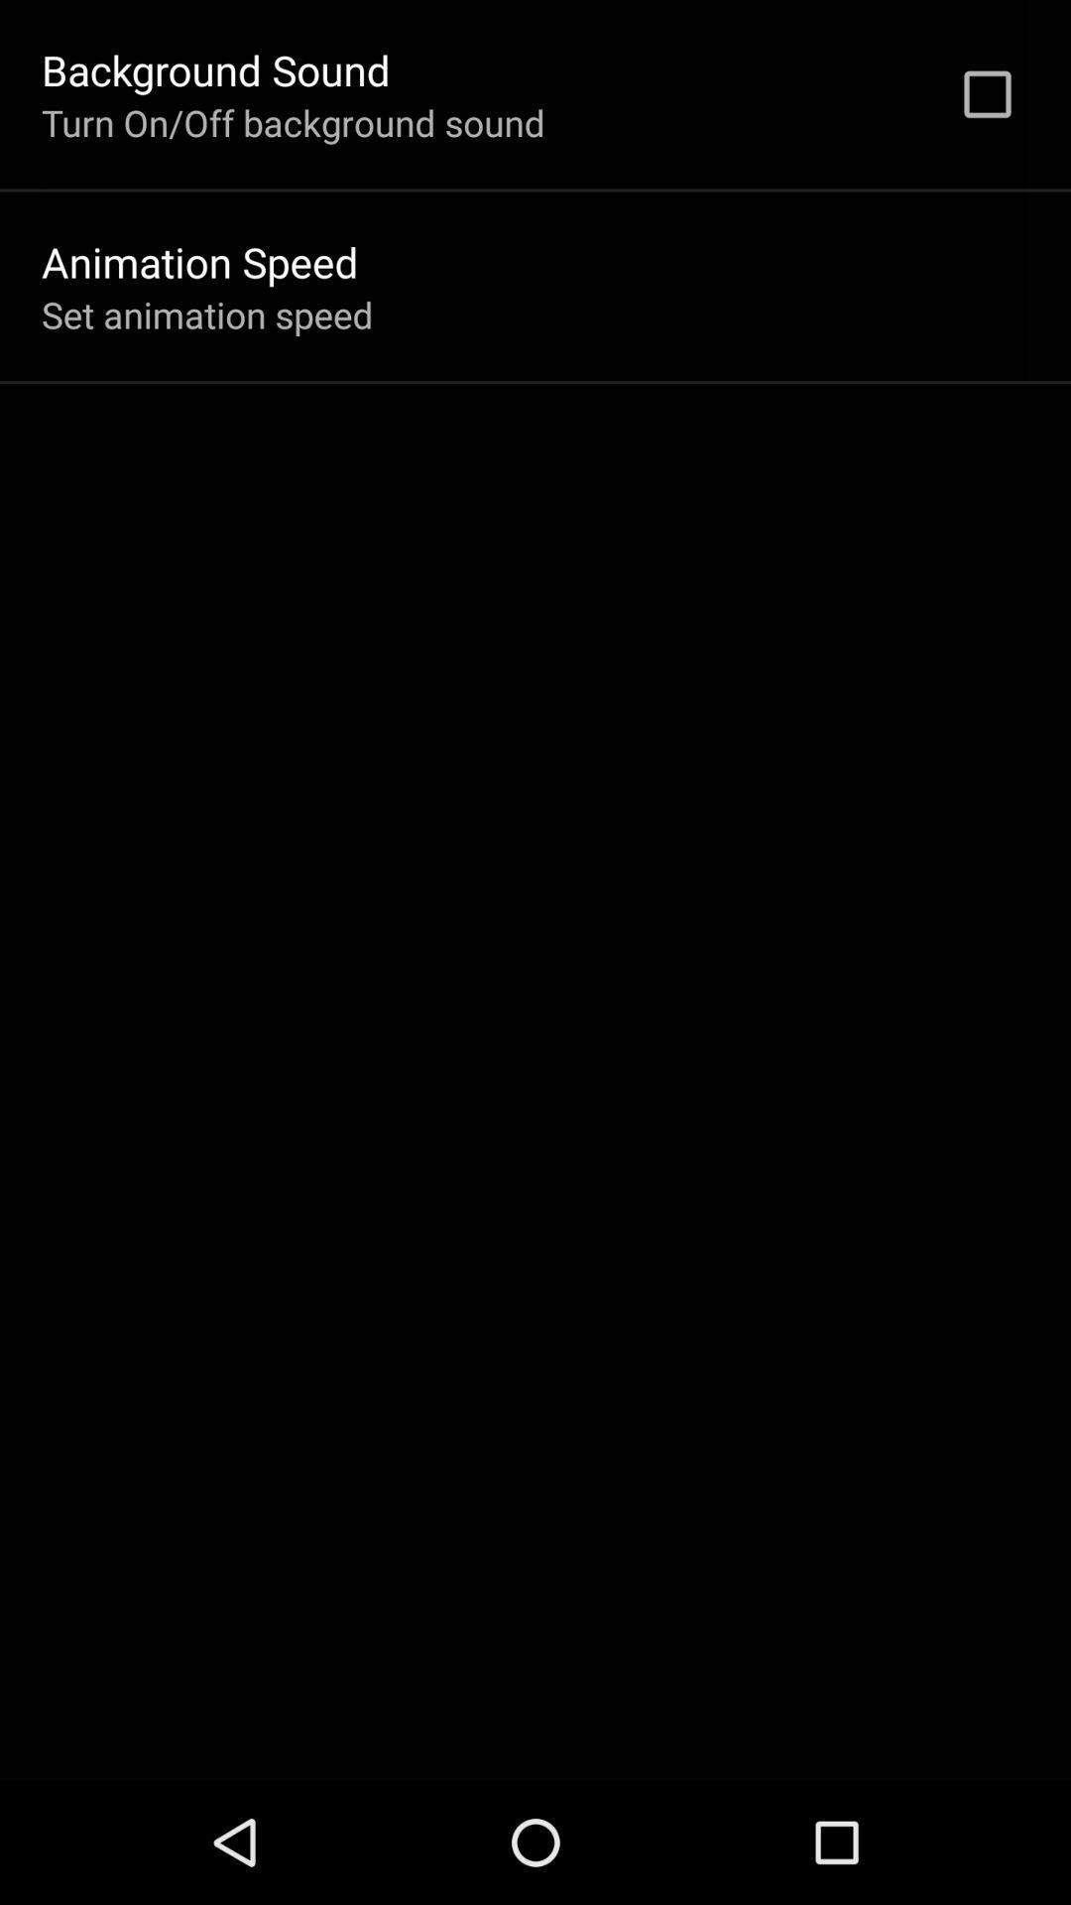 The image size is (1071, 1905). Describe the element at coordinates (293, 121) in the screenshot. I see `the turn on off icon` at that location.